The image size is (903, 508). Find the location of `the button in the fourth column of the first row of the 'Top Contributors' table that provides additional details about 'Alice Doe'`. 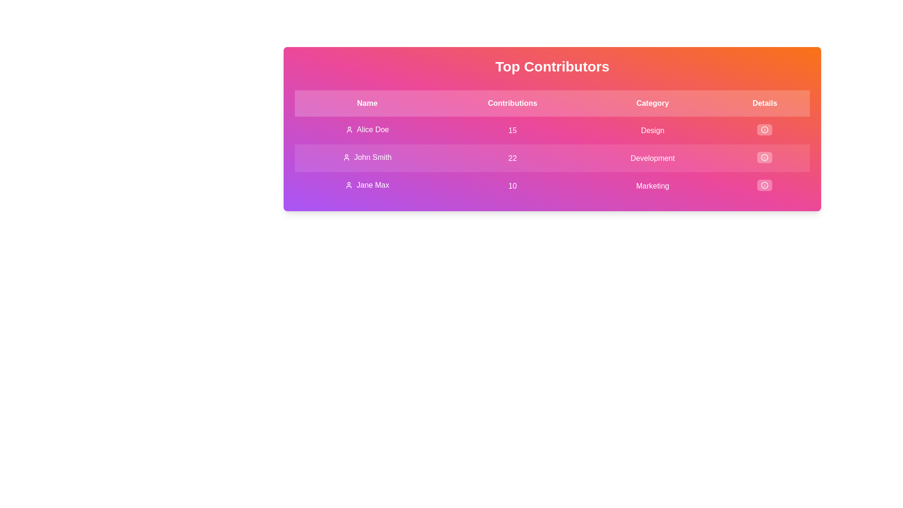

the button in the fourth column of the first row of the 'Top Contributors' table that provides additional details about 'Alice Doe' is located at coordinates (765, 130).